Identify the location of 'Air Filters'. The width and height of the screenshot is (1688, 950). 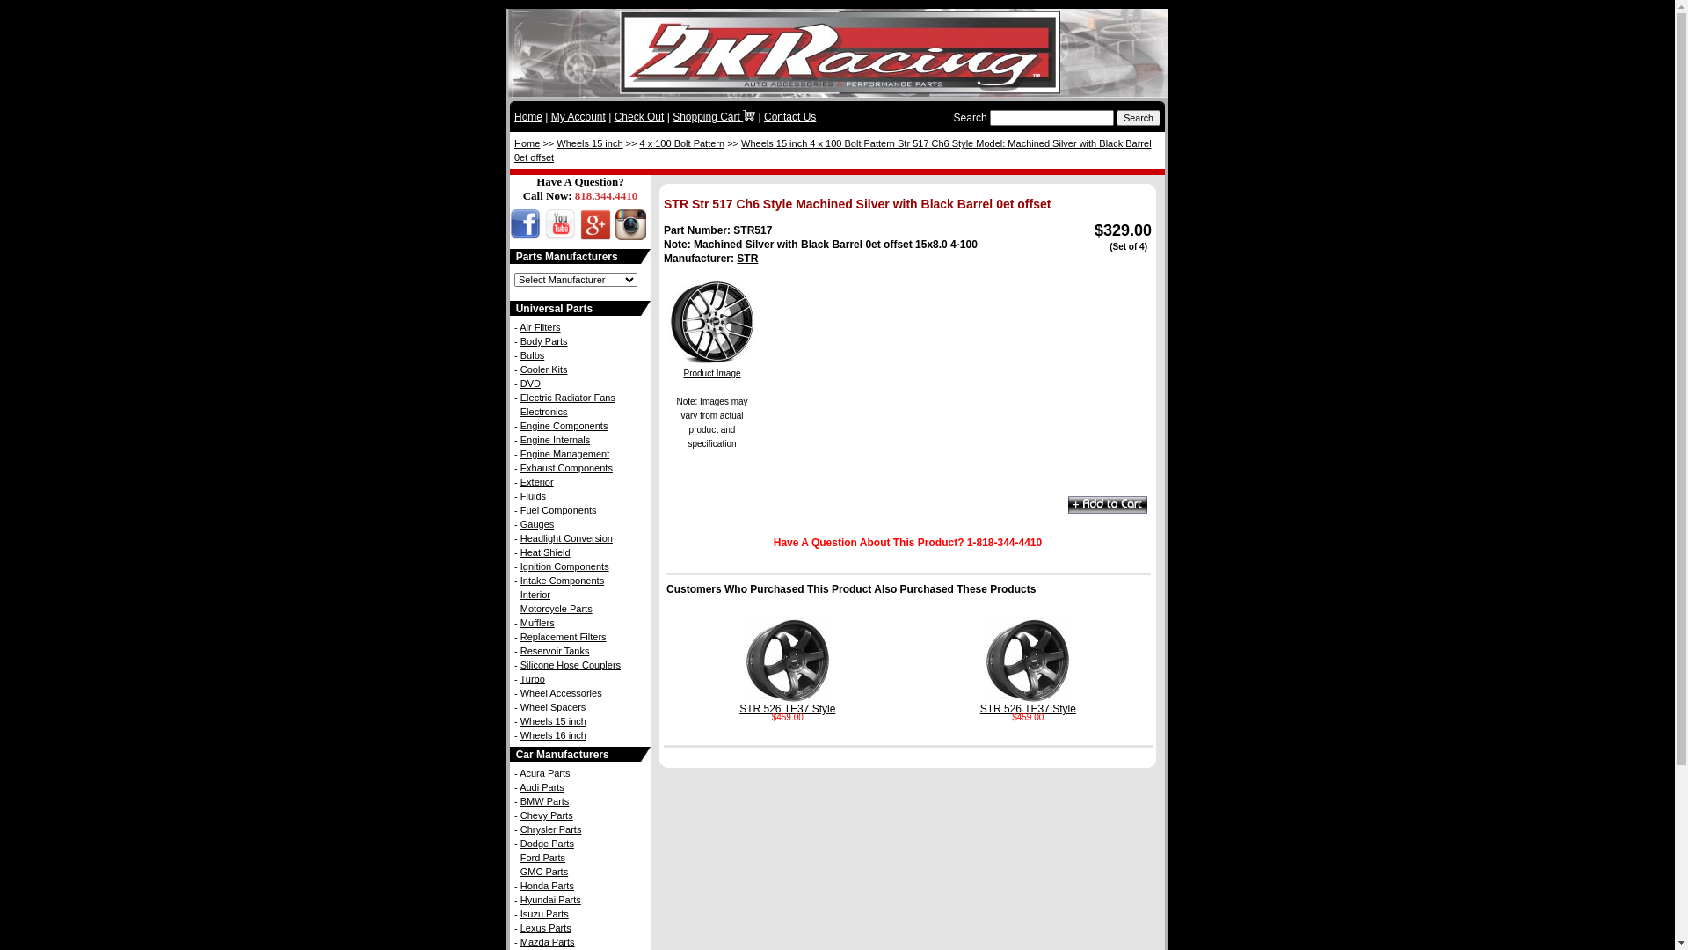
(518, 326).